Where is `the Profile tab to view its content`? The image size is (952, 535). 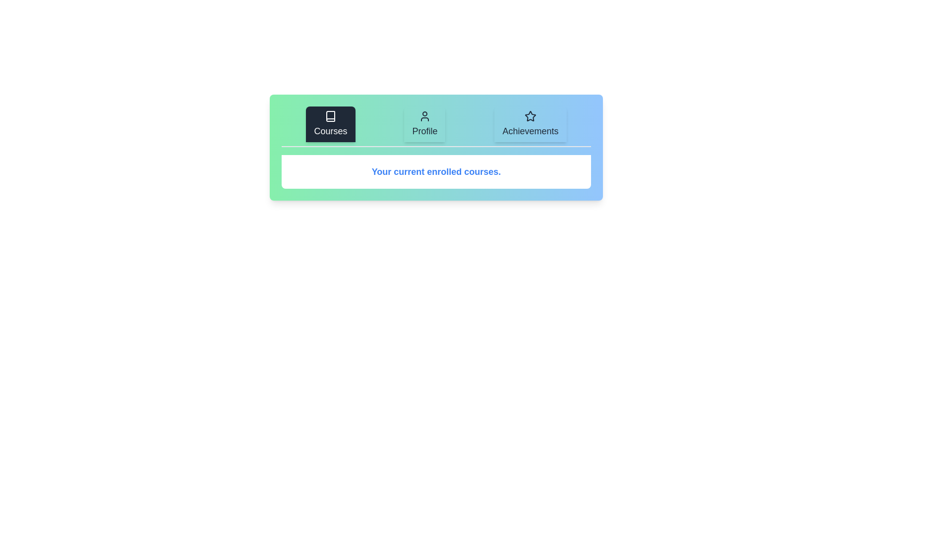
the Profile tab to view its content is located at coordinates (424, 123).